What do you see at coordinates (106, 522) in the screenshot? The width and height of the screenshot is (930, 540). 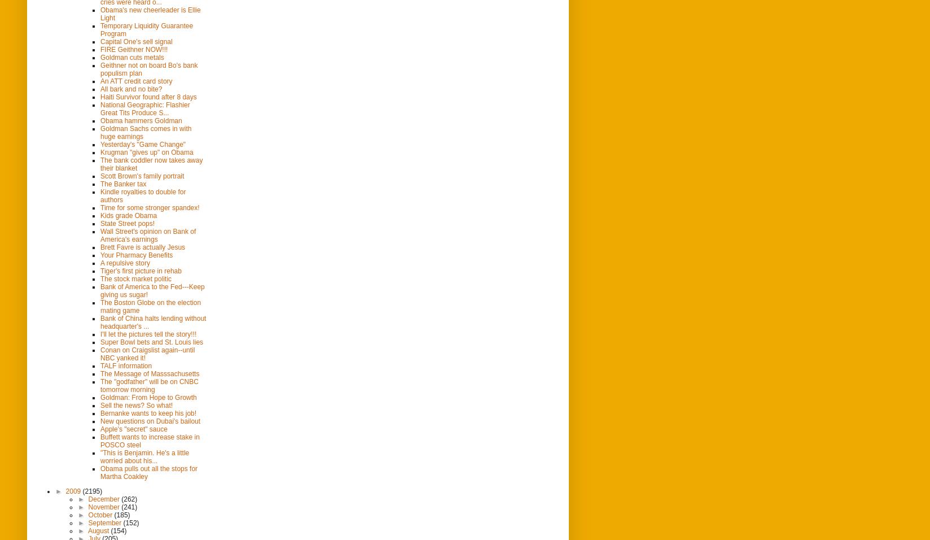 I see `'September'` at bounding box center [106, 522].